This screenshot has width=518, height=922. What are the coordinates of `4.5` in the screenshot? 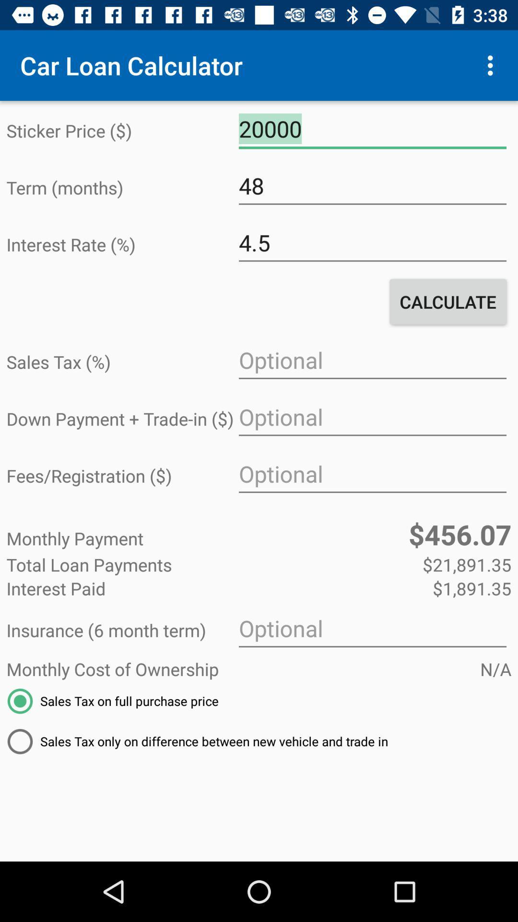 It's located at (372, 243).